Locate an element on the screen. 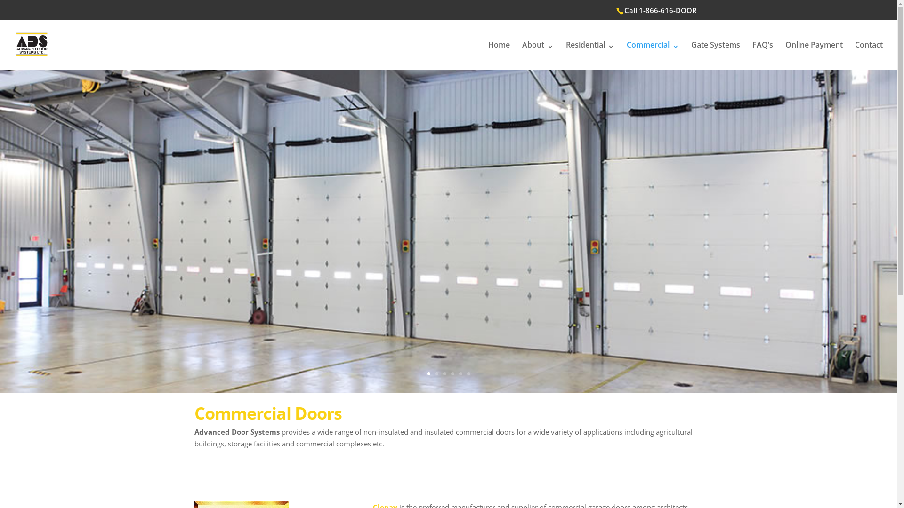 The height and width of the screenshot is (508, 904). '1' is located at coordinates (428, 373).